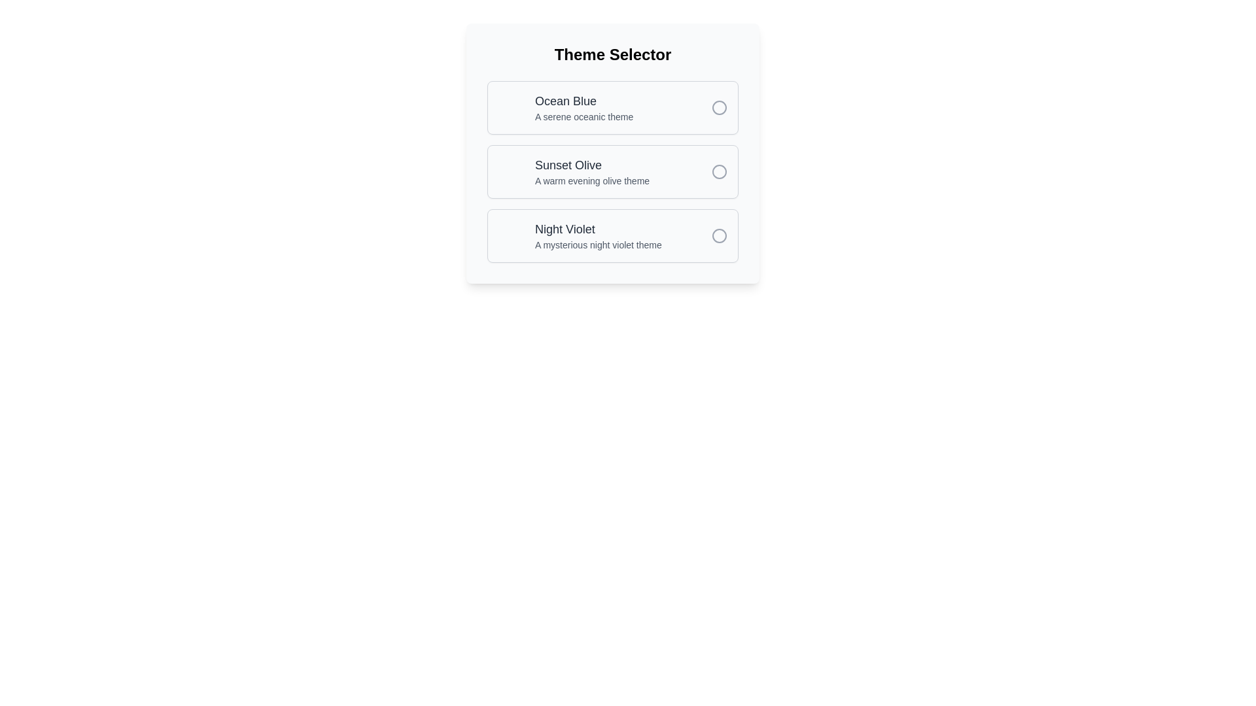 The width and height of the screenshot is (1256, 706). What do you see at coordinates (597, 236) in the screenshot?
I see `the 'Night Violet' text block, which contains the title and description for selecting the theme in the 'Theme Selector.'` at bounding box center [597, 236].